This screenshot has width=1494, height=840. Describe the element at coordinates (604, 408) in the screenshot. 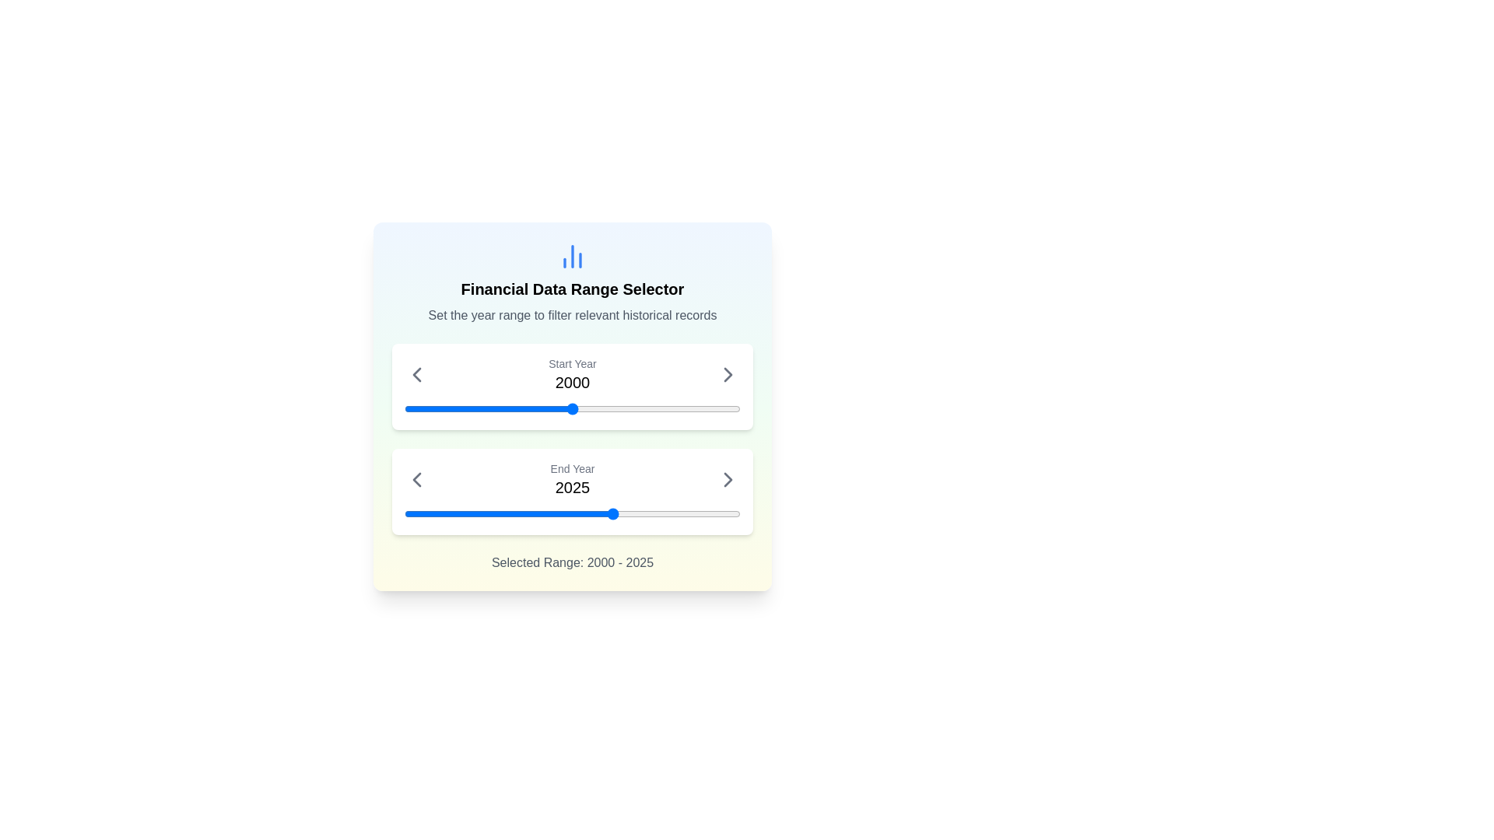

I see `the start year of the range` at that location.